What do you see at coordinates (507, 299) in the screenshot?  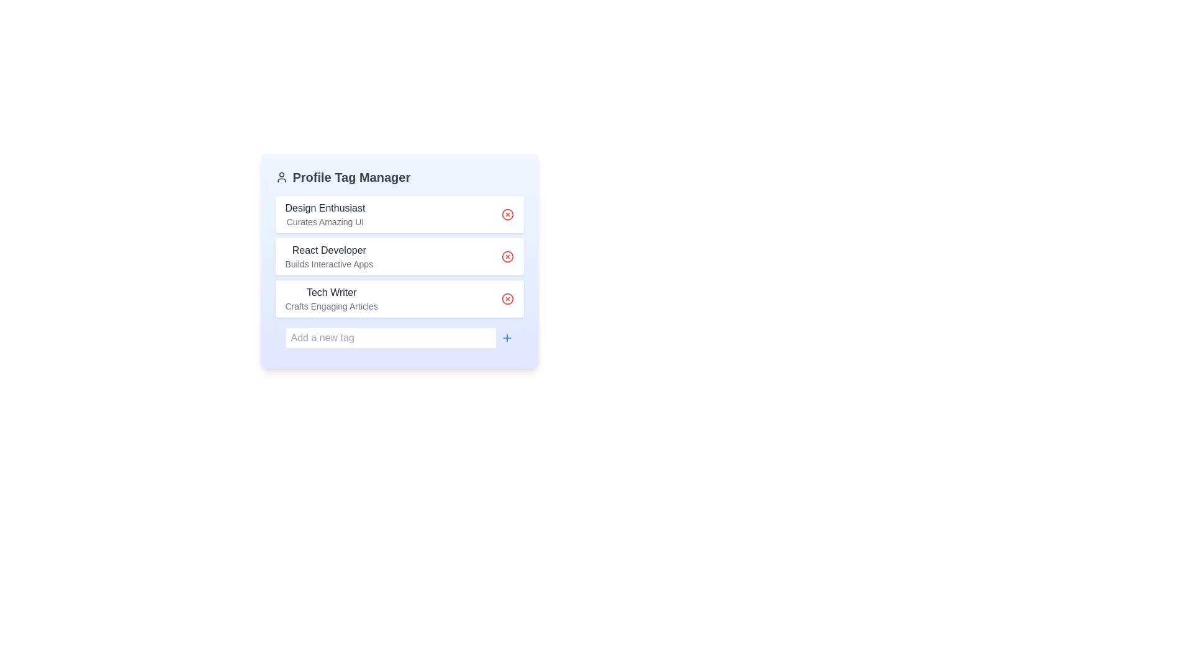 I see `the delete button for the tag named Tech Writer` at bounding box center [507, 299].